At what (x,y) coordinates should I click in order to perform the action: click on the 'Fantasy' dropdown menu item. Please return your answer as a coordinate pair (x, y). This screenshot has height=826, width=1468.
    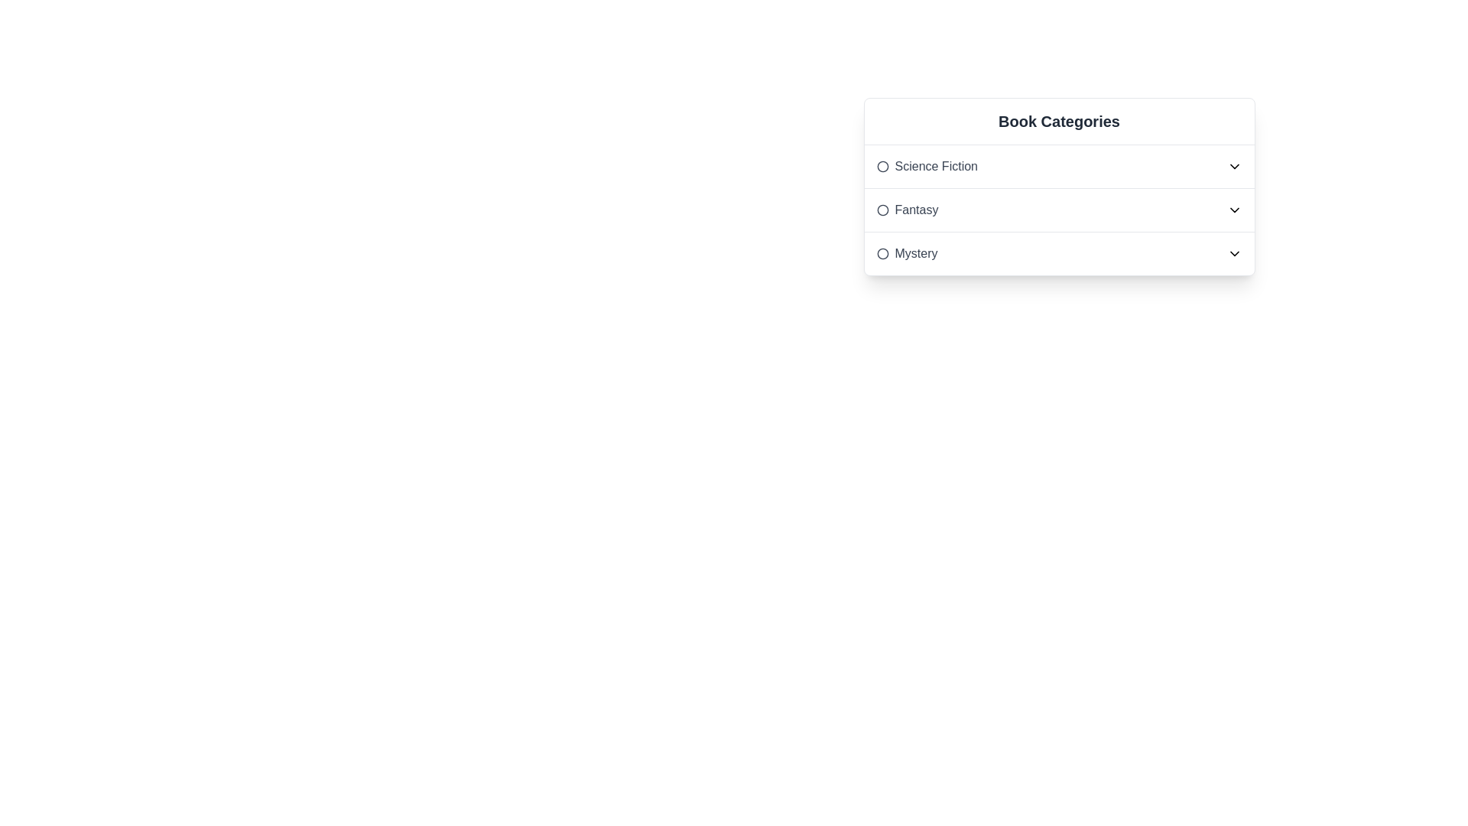
    Looking at the image, I should click on (1058, 210).